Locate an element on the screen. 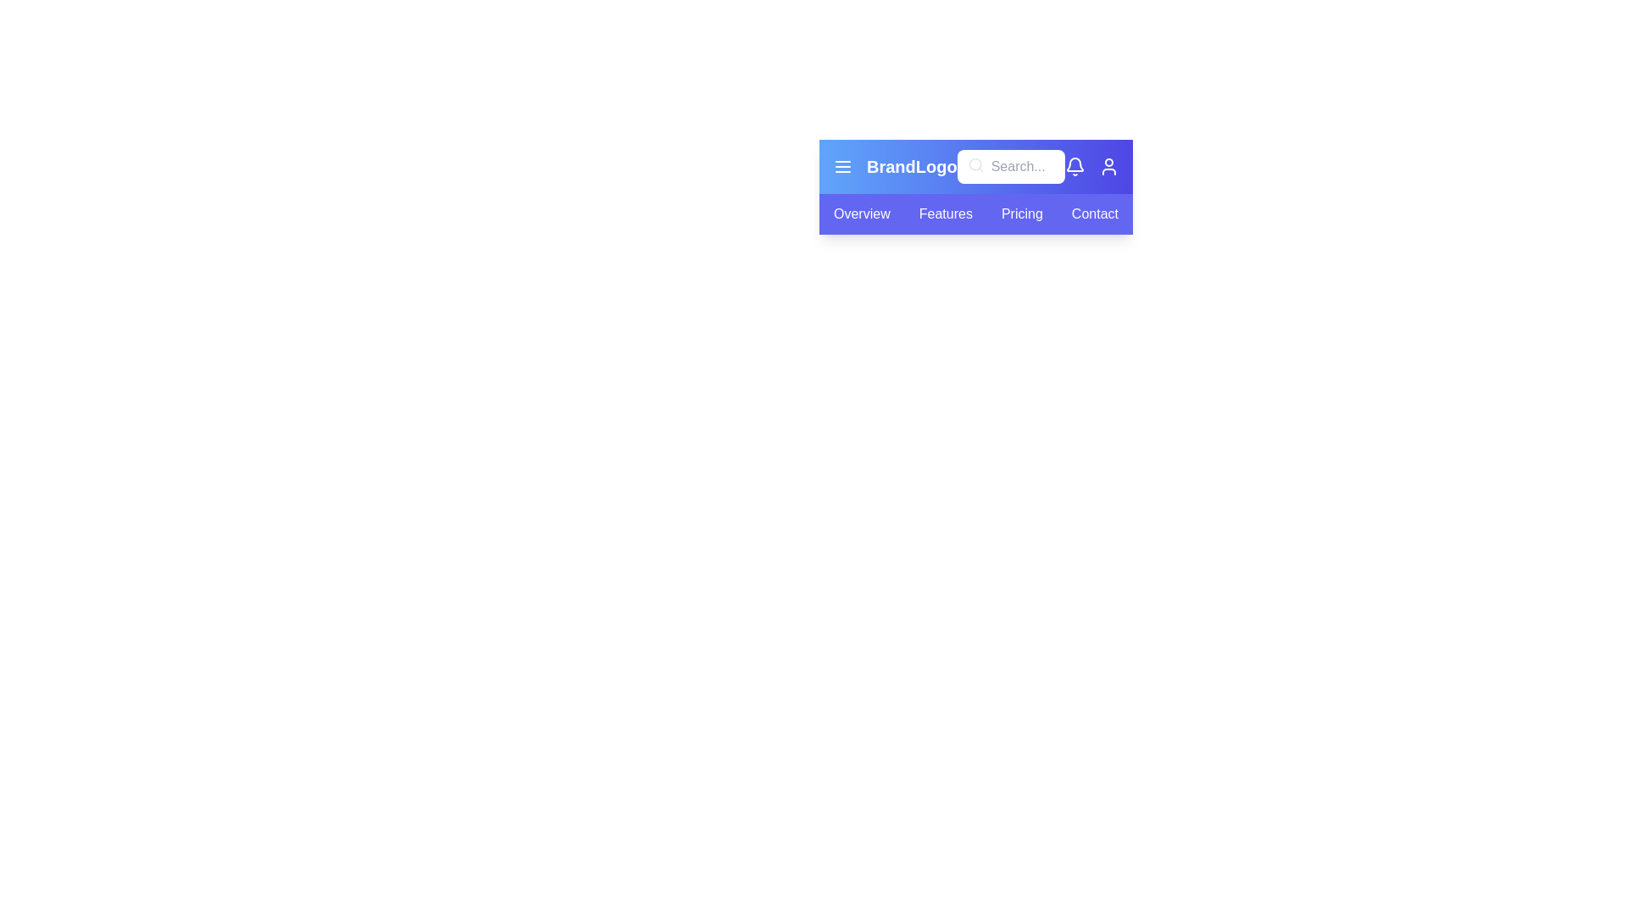 Image resolution: width=1627 pixels, height=915 pixels. the tab labeled Contact from the navigation bar is located at coordinates (1095, 213).